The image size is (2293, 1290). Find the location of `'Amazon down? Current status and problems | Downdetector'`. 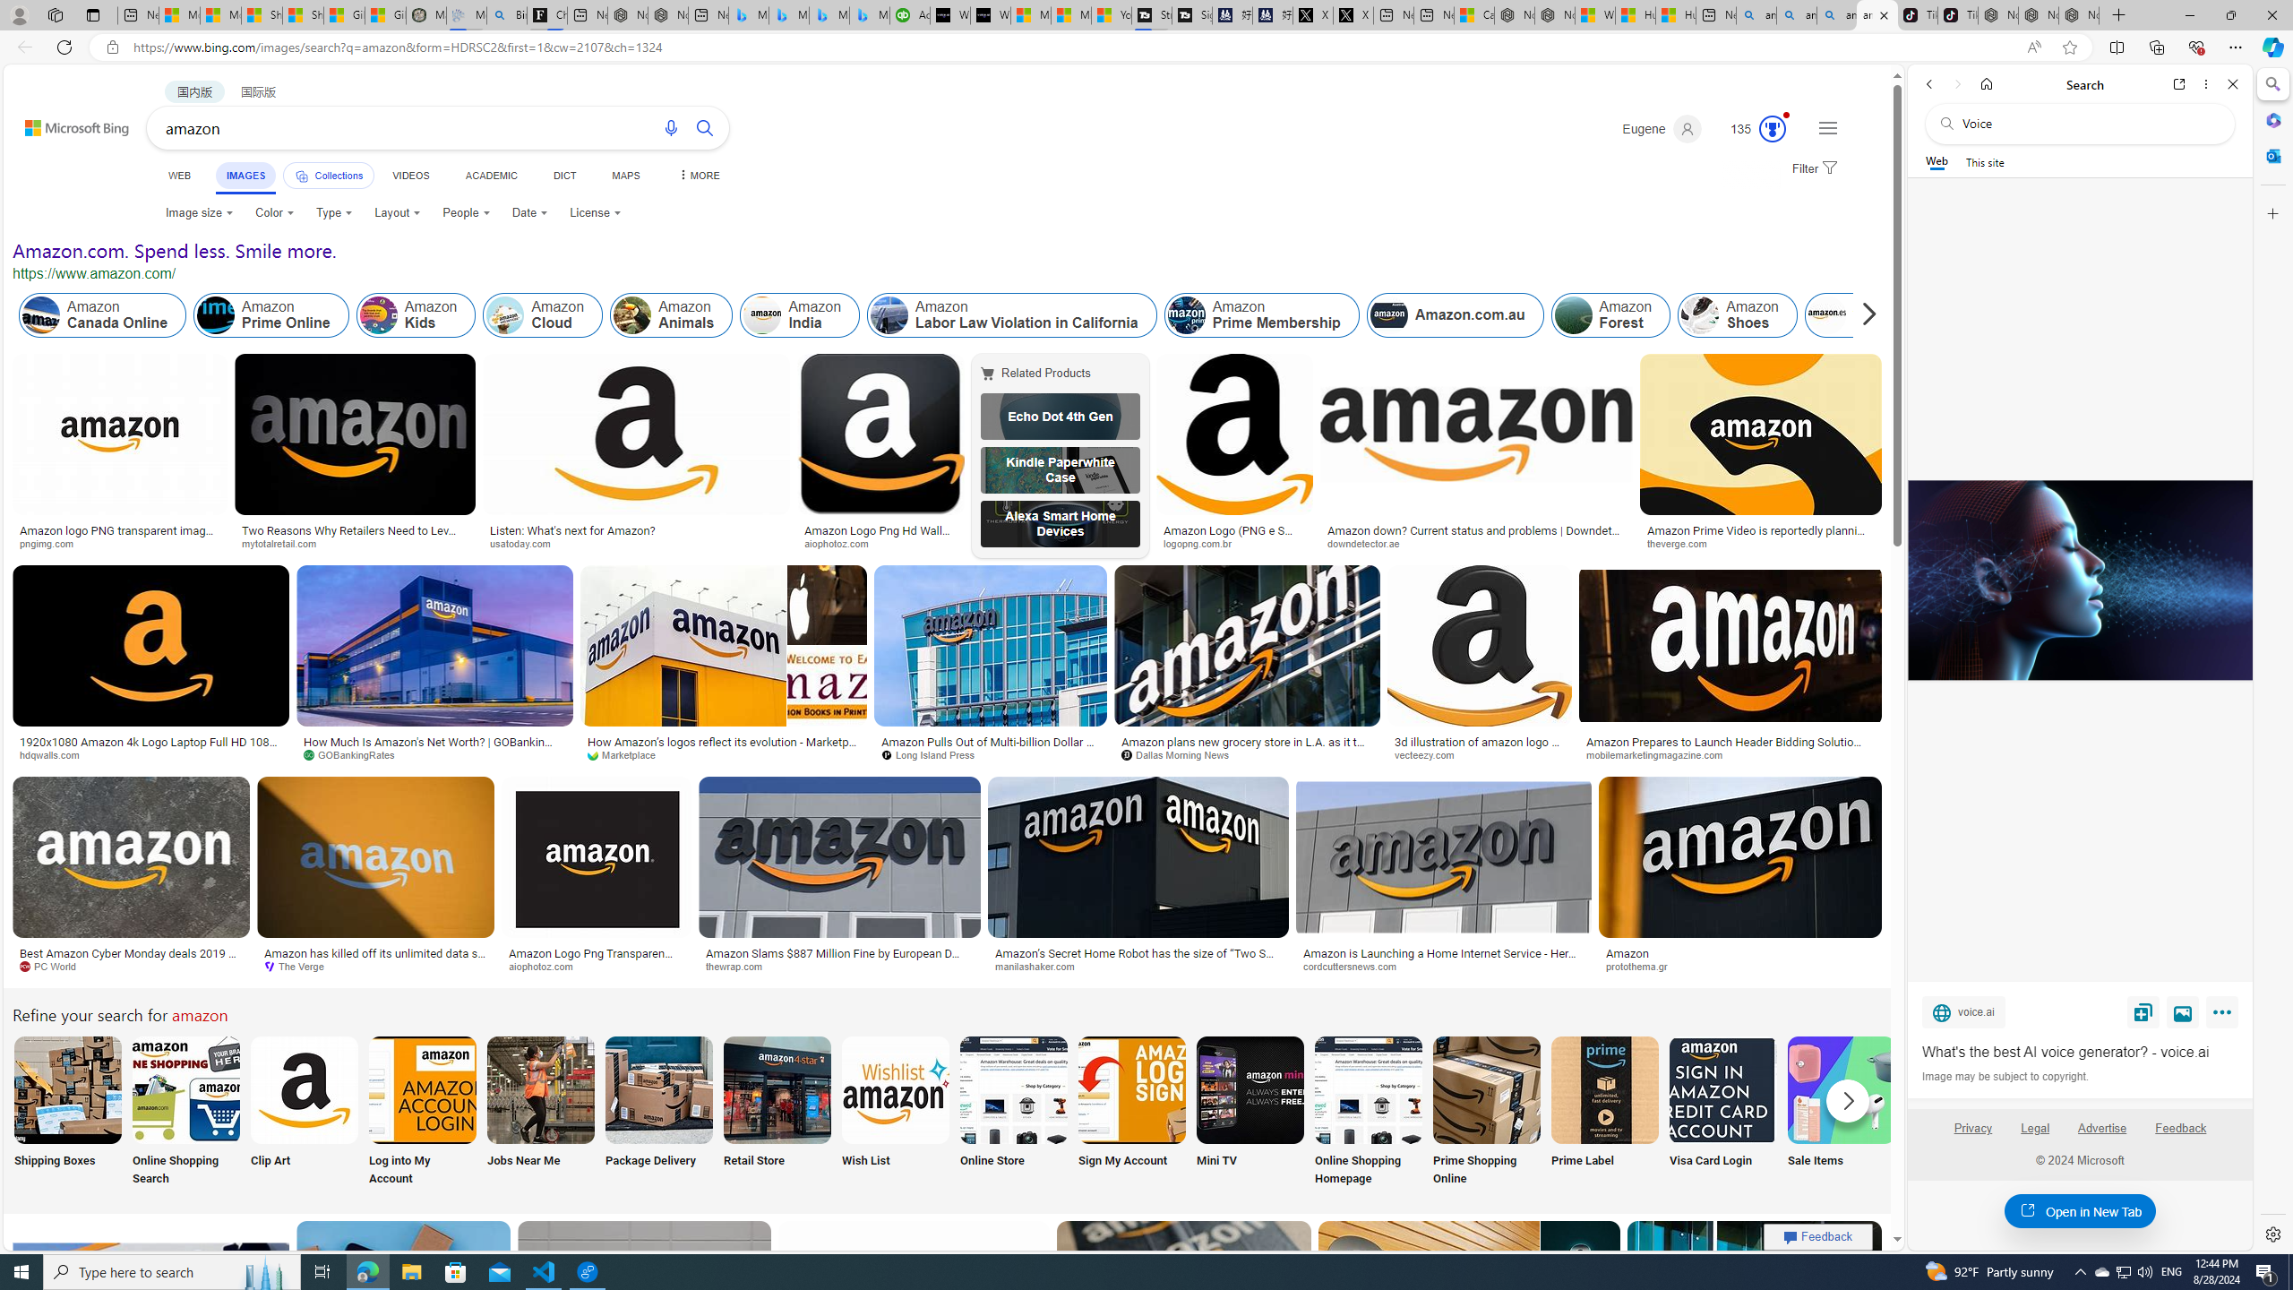

'Amazon down? Current status and problems | Downdetector' is located at coordinates (1475, 536).